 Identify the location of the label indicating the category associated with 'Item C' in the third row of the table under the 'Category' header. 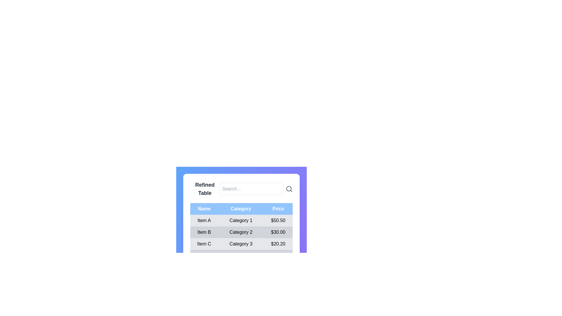
(241, 244).